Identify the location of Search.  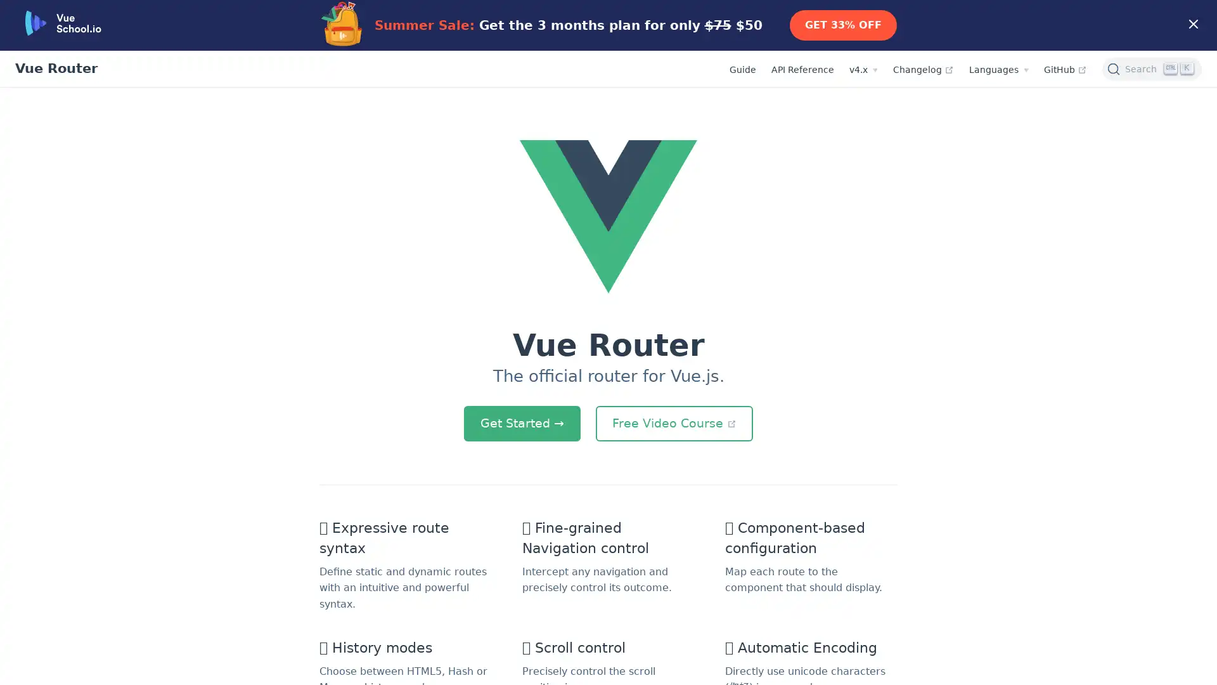
(1152, 68).